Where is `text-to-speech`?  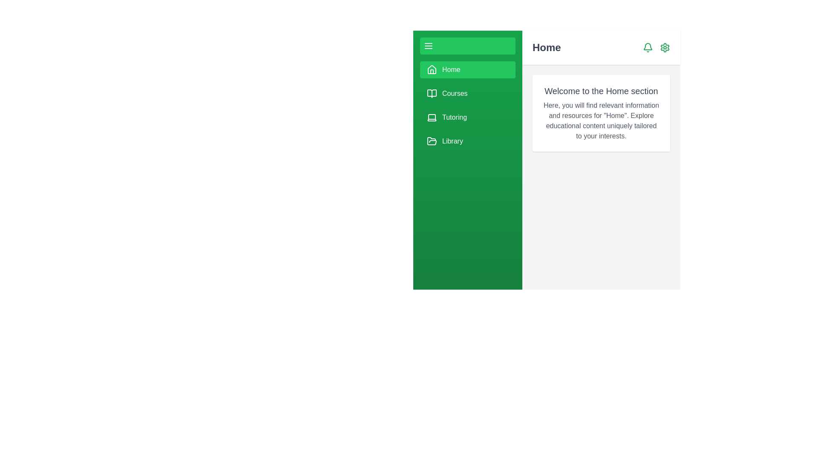
text-to-speech is located at coordinates (601, 121).